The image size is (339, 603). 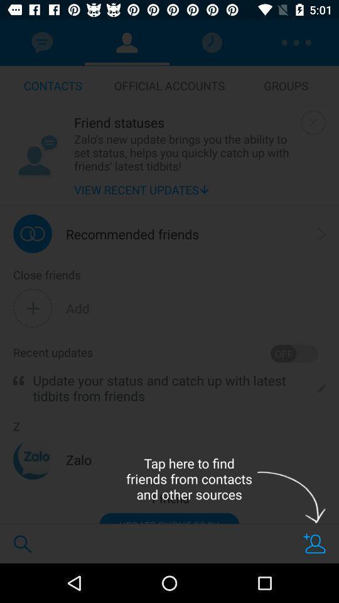 What do you see at coordinates (322, 233) in the screenshot?
I see `icon to the right of the recommended friends icon` at bounding box center [322, 233].